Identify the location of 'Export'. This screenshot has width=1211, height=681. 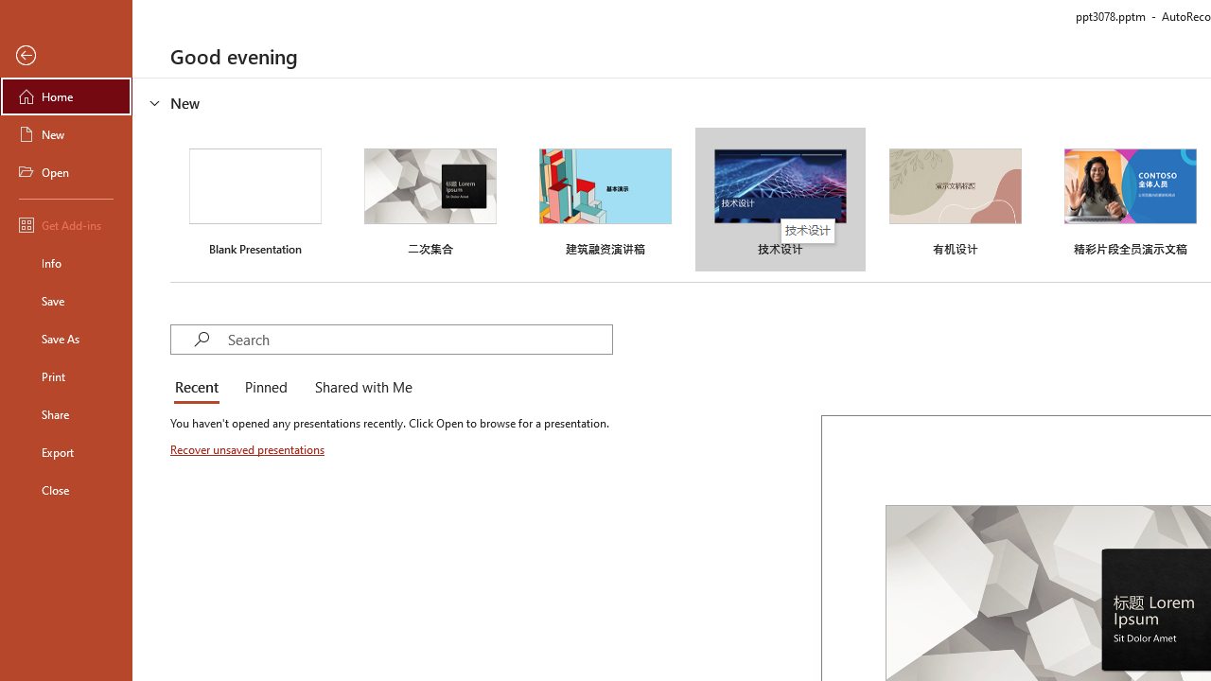
(65, 452).